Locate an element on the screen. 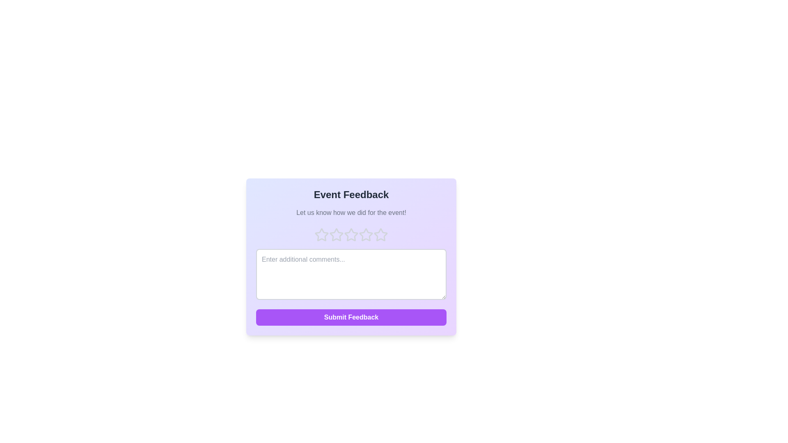 The image size is (788, 443). the bold, large-text header 'Event Feedback' which is centrally aligned at the top of the card-like component is located at coordinates (351, 194).